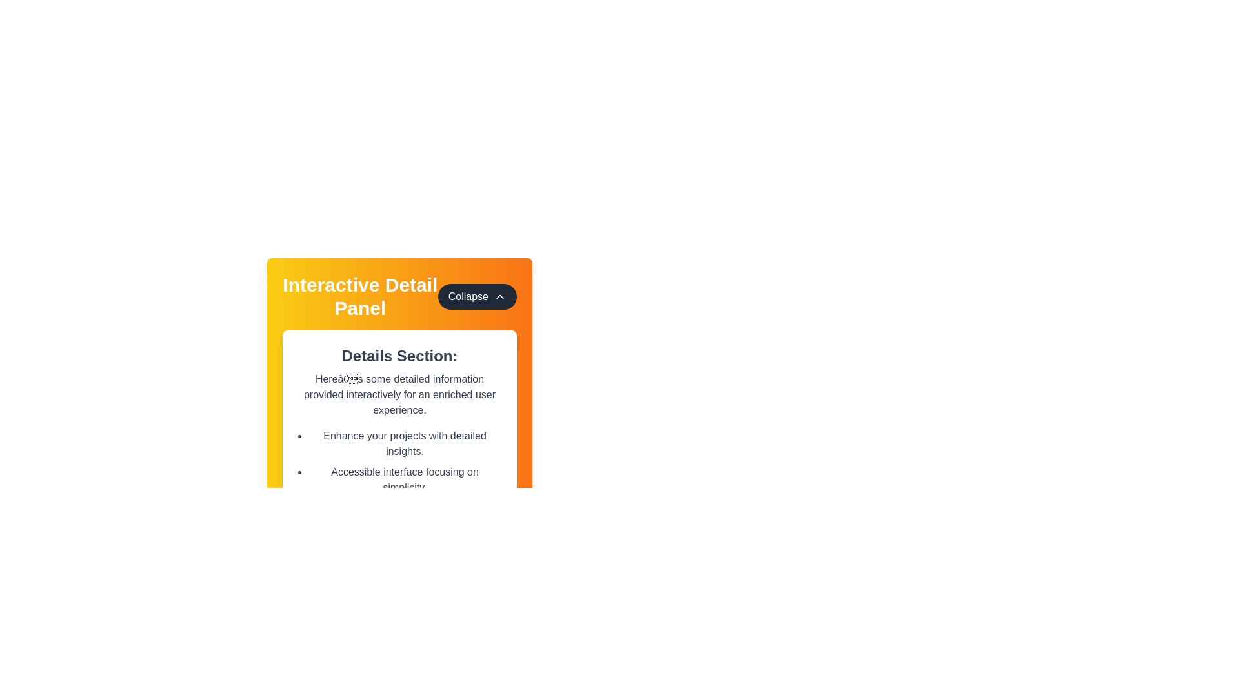  Describe the element at coordinates (399, 365) in the screenshot. I see `text content displayed in the detailed descriptive content panel located centrally below the header titled 'Interactive Detail Panel' and the 'Collapse' button` at that location.